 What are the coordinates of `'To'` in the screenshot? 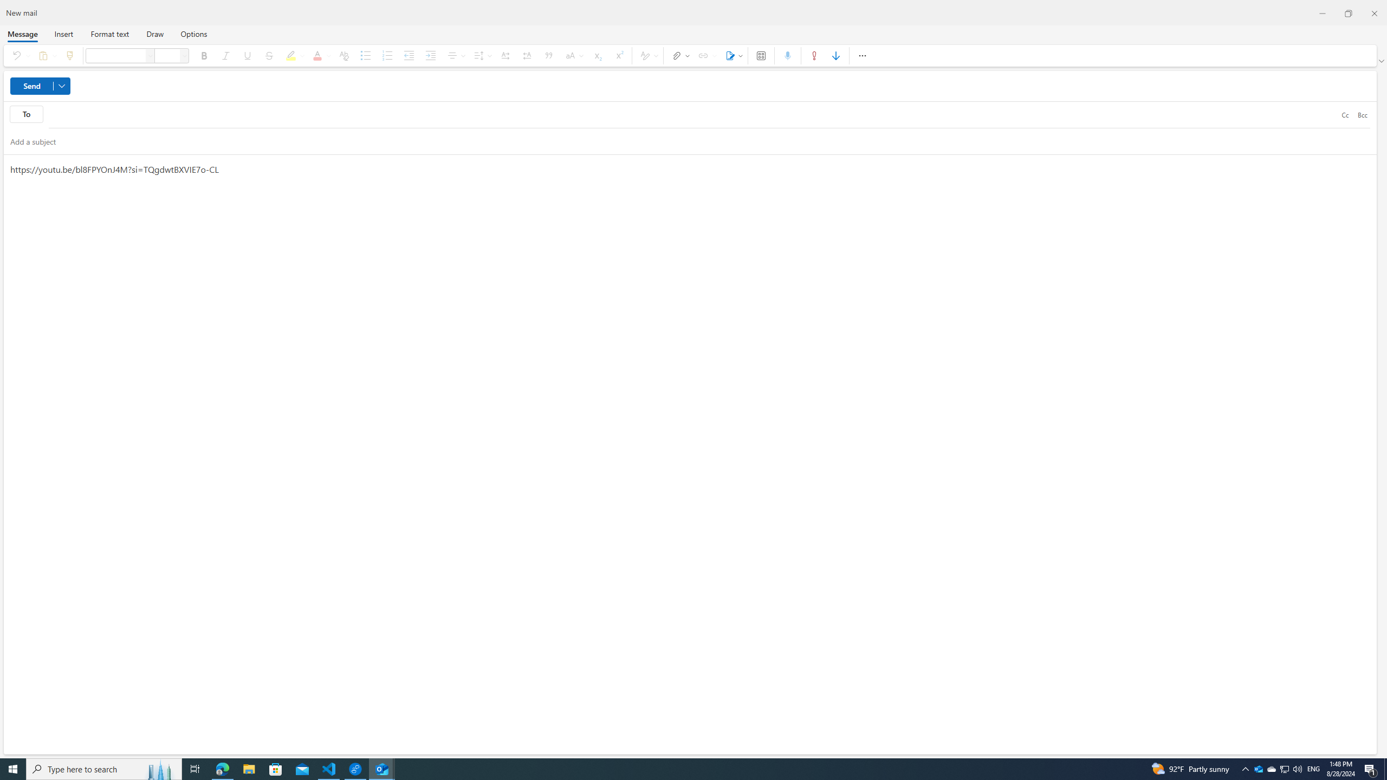 It's located at (26, 114).